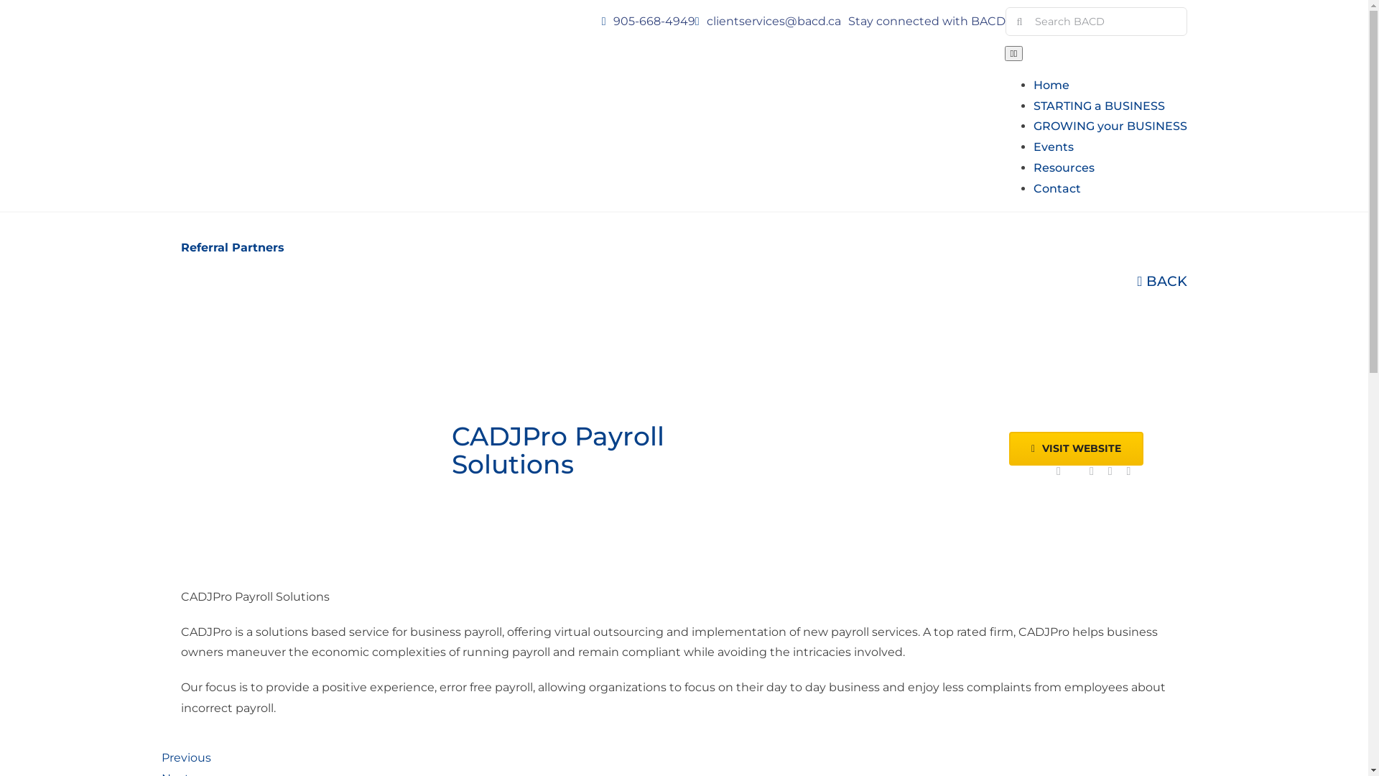 The height and width of the screenshot is (776, 1379). What do you see at coordinates (654, 21) in the screenshot?
I see `'905-668-4949'` at bounding box center [654, 21].